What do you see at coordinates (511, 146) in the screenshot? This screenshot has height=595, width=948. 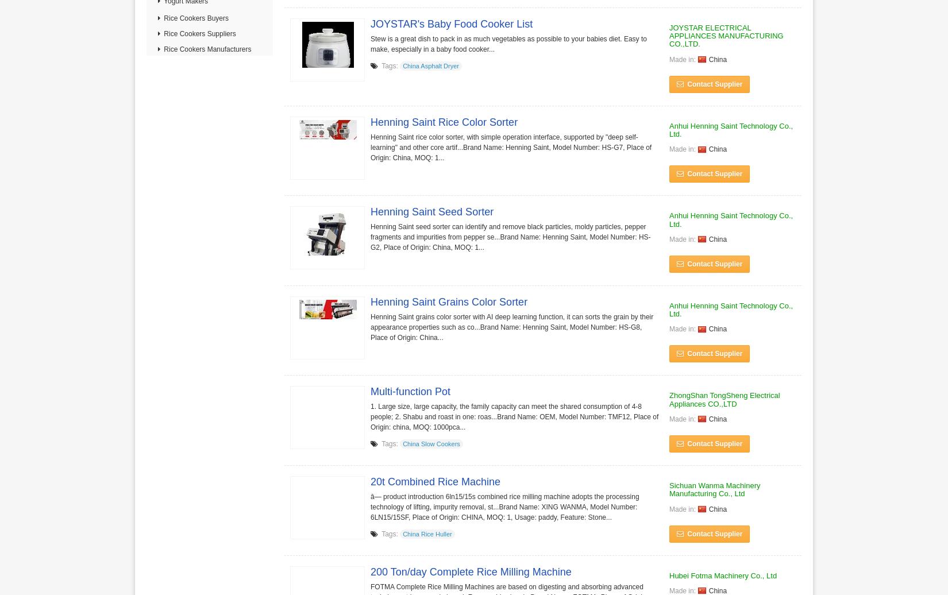 I see `'Henning Saint rice color sorter, with simple operation interface, supported by "deep self-learning" and other core artif...Brand Name: Henning Saint, Model Number: HS-G7, Place of Origin: China, MOQ: 1...'` at bounding box center [511, 146].